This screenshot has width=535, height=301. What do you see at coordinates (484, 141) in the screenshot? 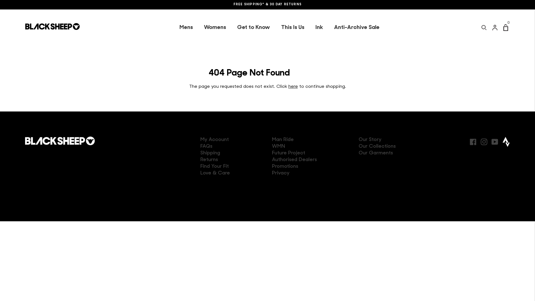
I see `'Black Sheep Cycling on Instagram'` at bounding box center [484, 141].